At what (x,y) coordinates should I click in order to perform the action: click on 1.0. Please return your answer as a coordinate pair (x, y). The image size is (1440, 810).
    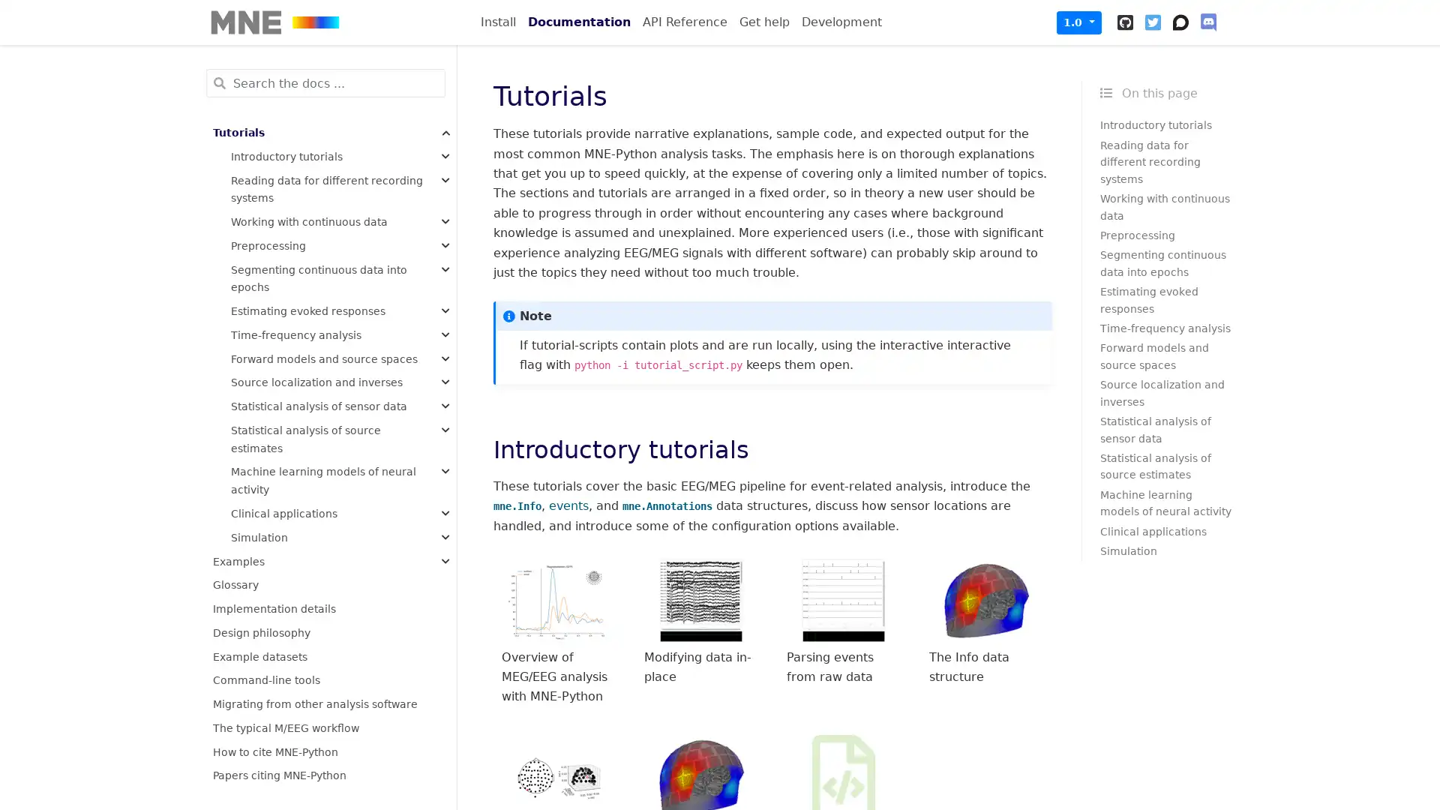
    Looking at the image, I should click on (1078, 22).